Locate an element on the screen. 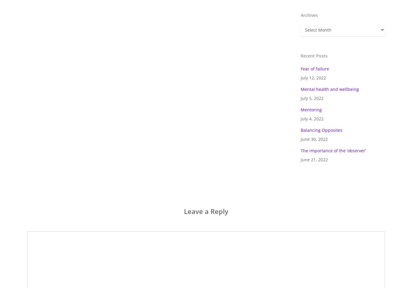  'July 12, 2022' is located at coordinates (301, 77).